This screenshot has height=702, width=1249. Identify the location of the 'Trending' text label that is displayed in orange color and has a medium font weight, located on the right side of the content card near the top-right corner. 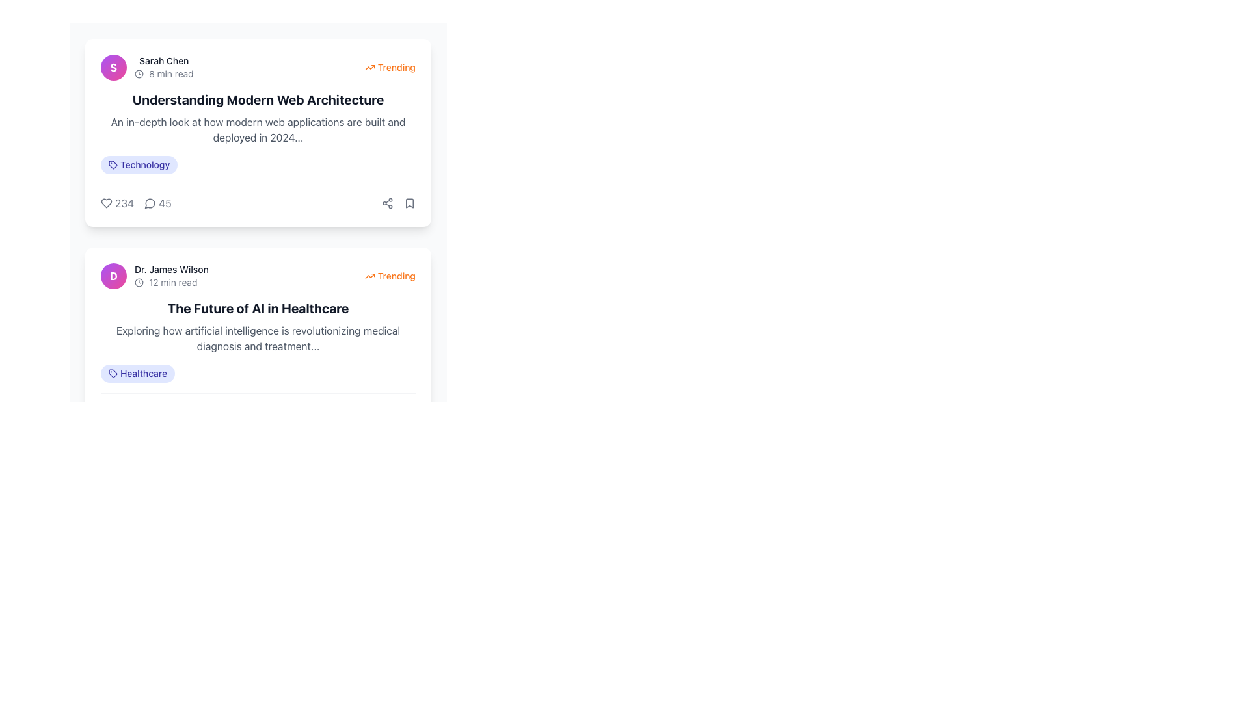
(396, 68).